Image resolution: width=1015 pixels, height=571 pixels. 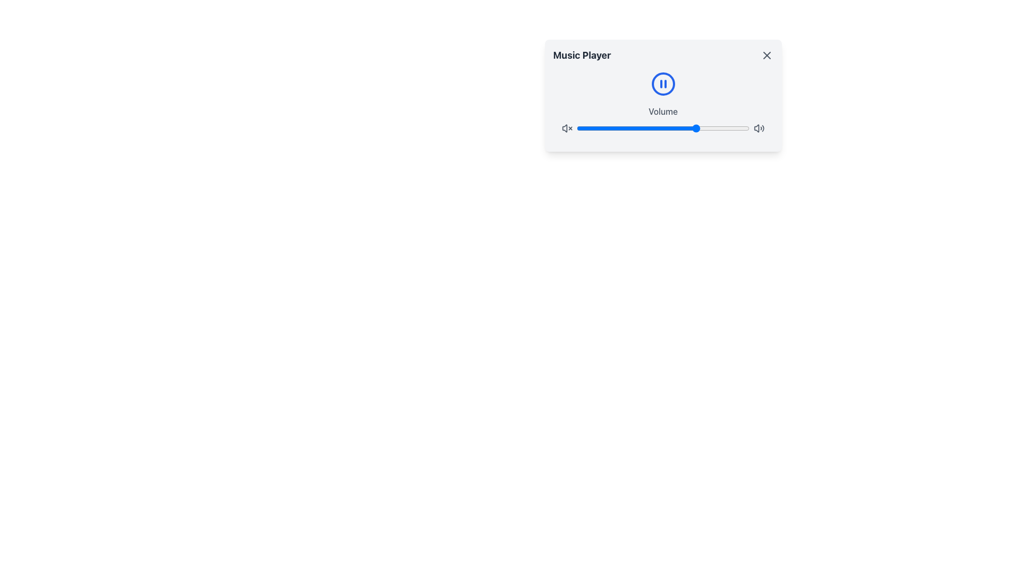 I want to click on the volume, so click(x=677, y=128).